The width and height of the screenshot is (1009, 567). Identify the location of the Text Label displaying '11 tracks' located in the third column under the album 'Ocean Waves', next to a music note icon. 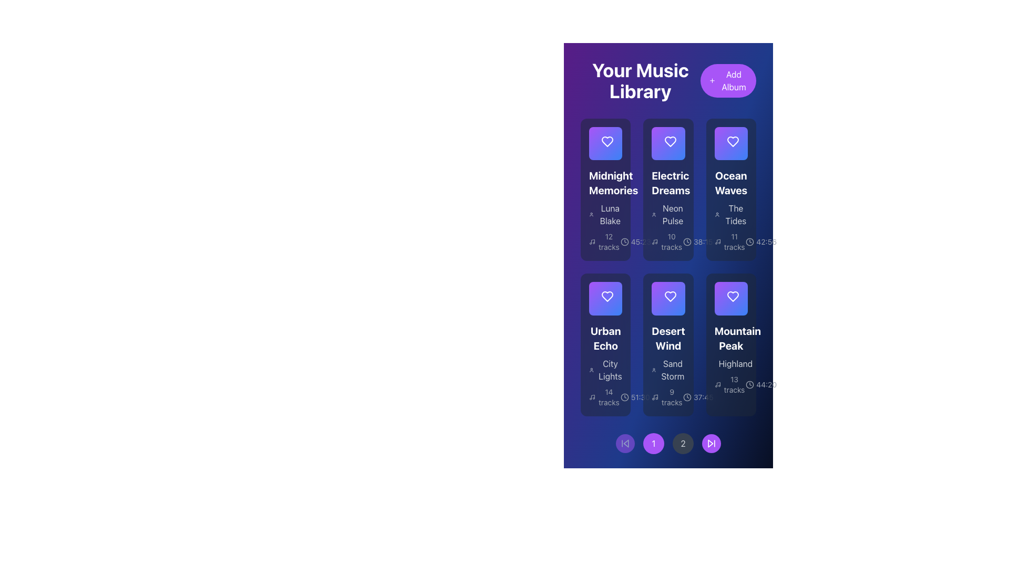
(729, 242).